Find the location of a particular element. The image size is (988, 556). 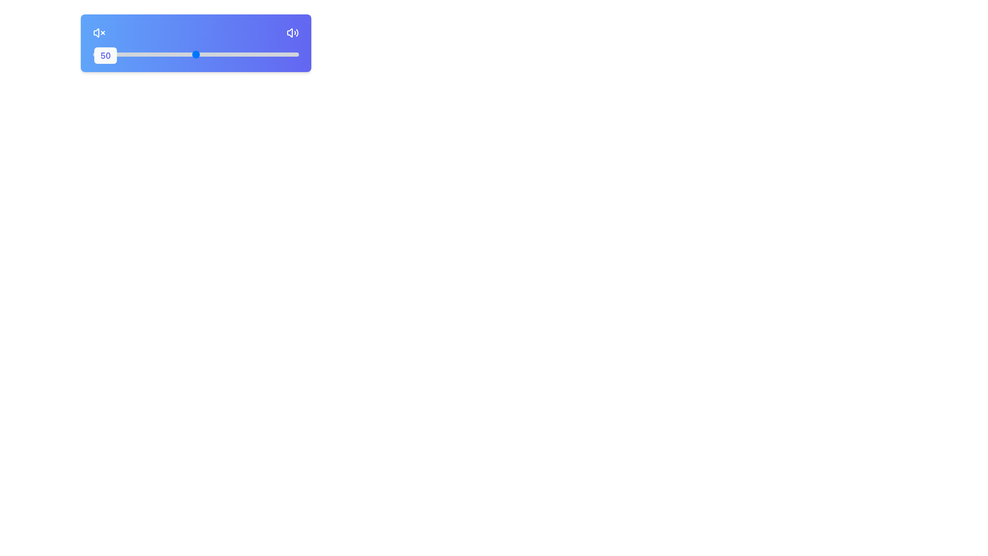

the slider value is located at coordinates (130, 54).